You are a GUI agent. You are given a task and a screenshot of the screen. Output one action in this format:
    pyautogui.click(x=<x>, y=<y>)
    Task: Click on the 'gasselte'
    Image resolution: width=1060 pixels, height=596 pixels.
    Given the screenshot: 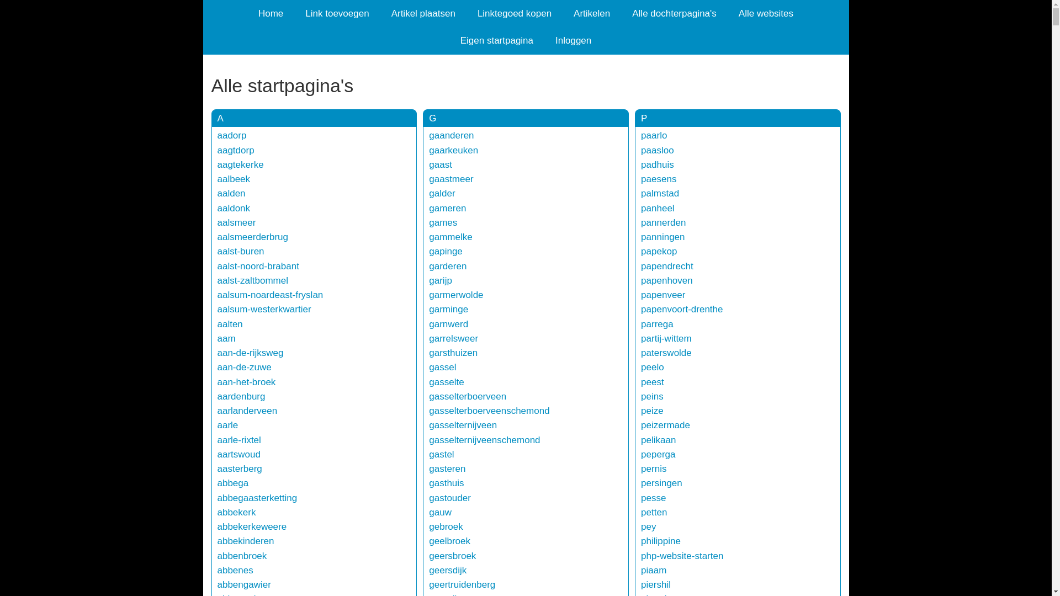 What is the action you would take?
    pyautogui.click(x=446, y=381)
    